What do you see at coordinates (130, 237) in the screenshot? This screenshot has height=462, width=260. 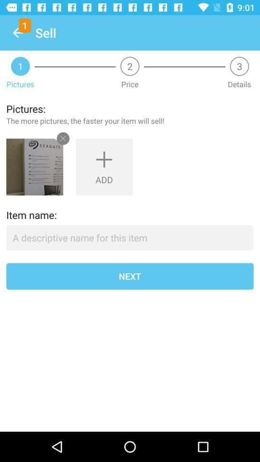 I see `item above next item` at bounding box center [130, 237].